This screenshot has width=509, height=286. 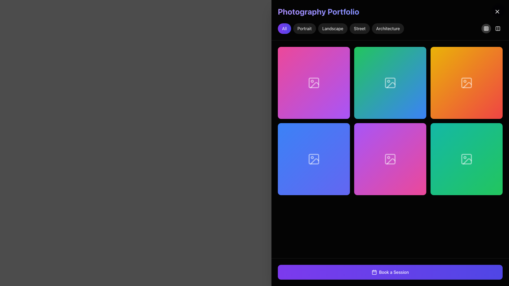 I want to click on the circular icon button located at the top-right corner of the interface, so click(x=497, y=29).